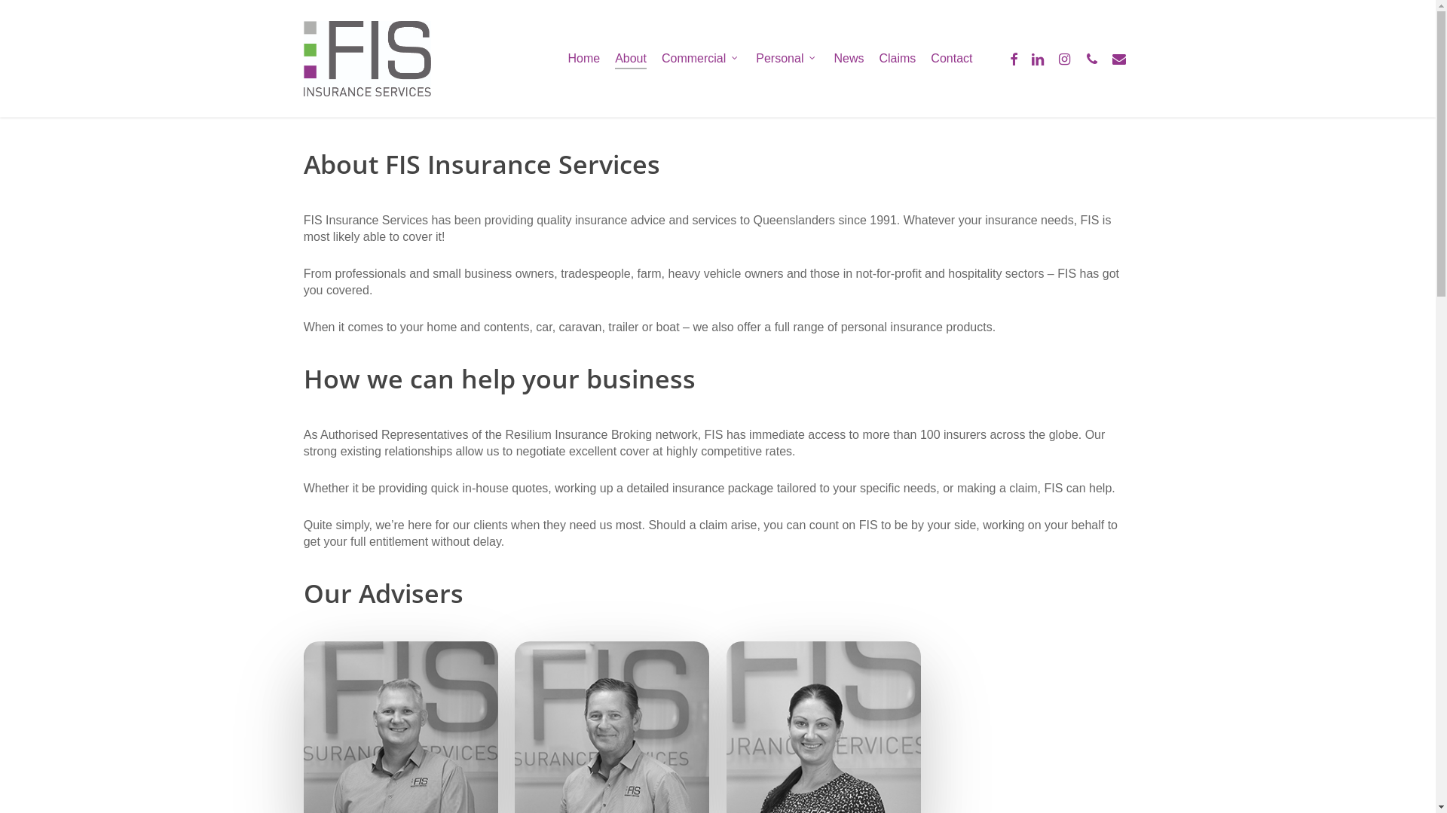 The height and width of the screenshot is (813, 1447). What do you see at coordinates (1013, 57) in the screenshot?
I see `'facebook'` at bounding box center [1013, 57].